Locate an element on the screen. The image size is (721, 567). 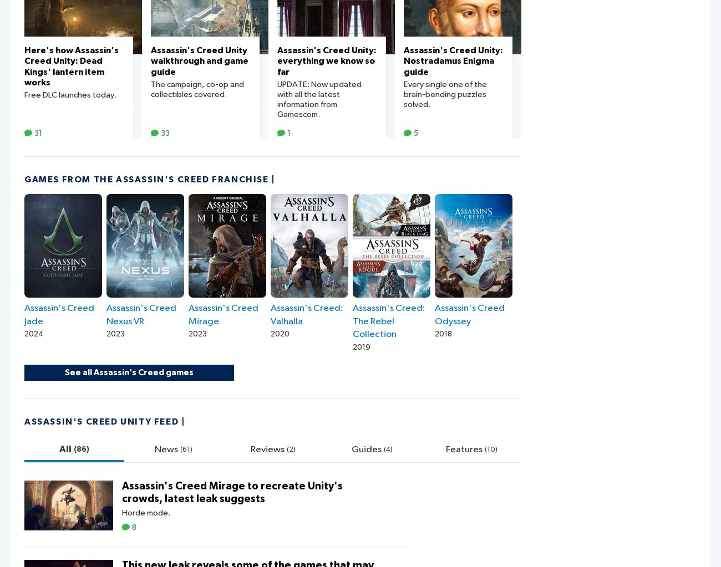
'Assassin's Creed: Valhalla' is located at coordinates (306, 314).